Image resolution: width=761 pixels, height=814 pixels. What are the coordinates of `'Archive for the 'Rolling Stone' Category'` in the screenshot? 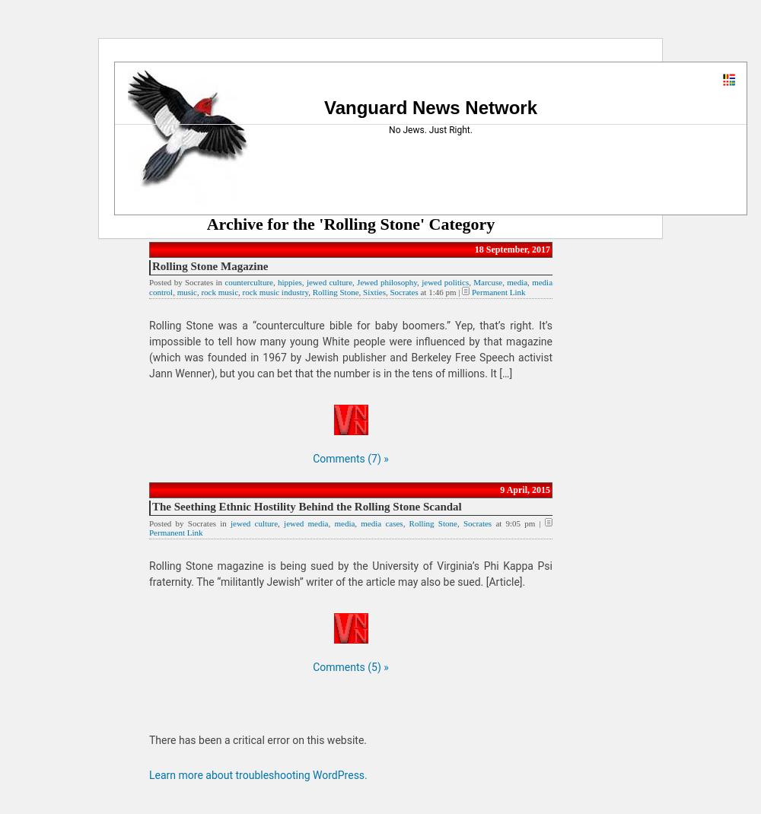 It's located at (349, 224).